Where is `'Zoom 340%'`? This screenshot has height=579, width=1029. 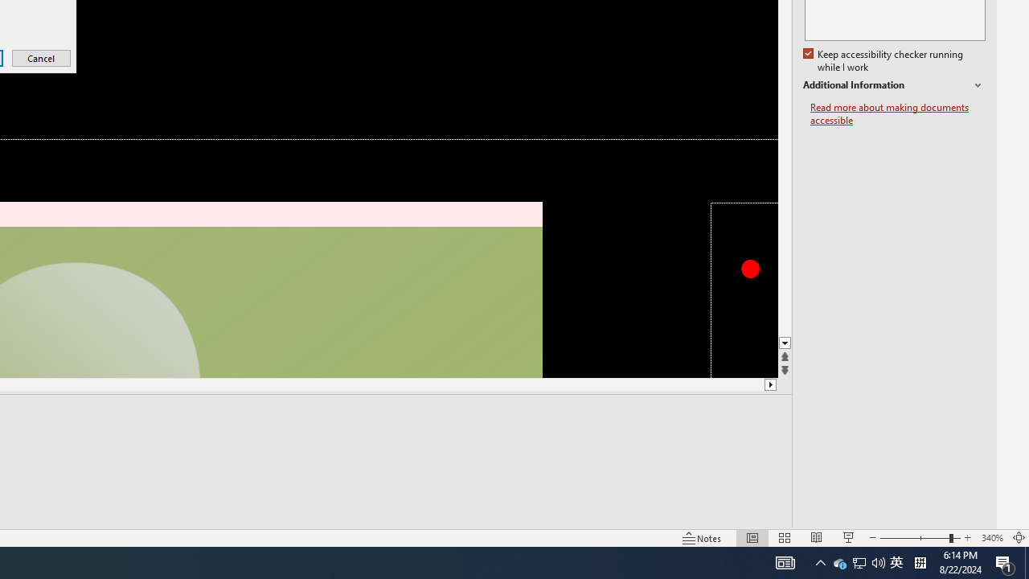 'Zoom 340%' is located at coordinates (991, 538).